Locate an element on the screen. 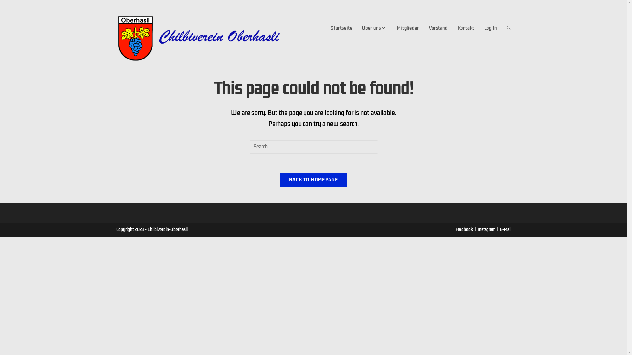 The height and width of the screenshot is (355, 632). 'Toggle website search' is located at coordinates (501, 27).